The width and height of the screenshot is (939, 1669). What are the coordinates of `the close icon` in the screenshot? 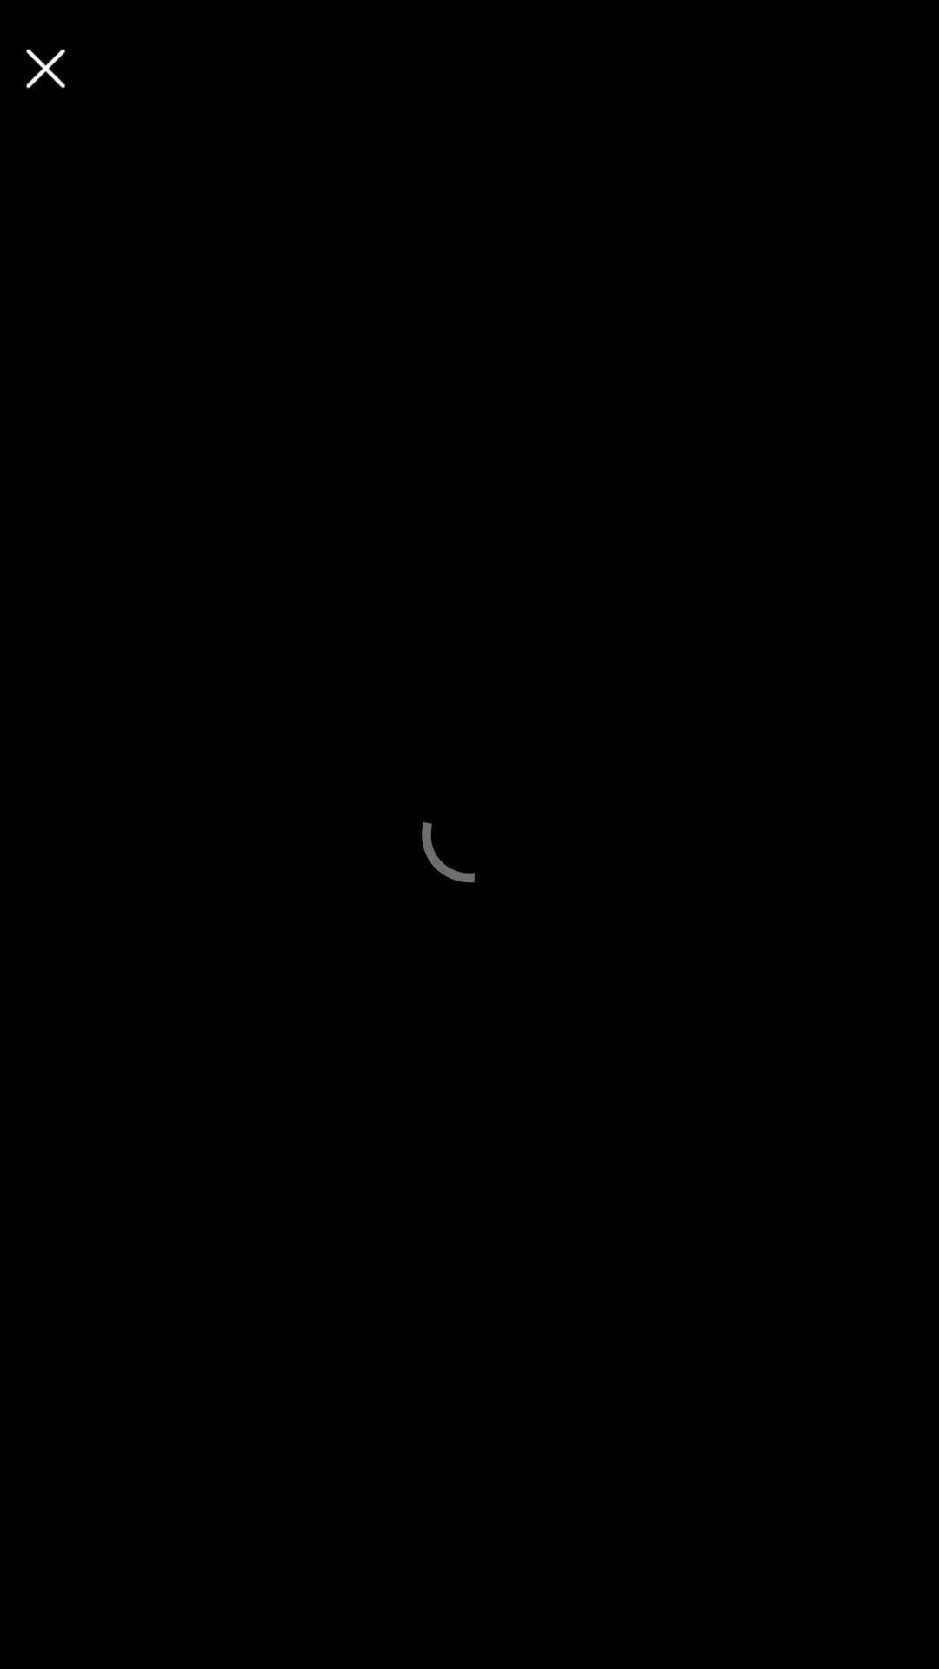 It's located at (44, 68).